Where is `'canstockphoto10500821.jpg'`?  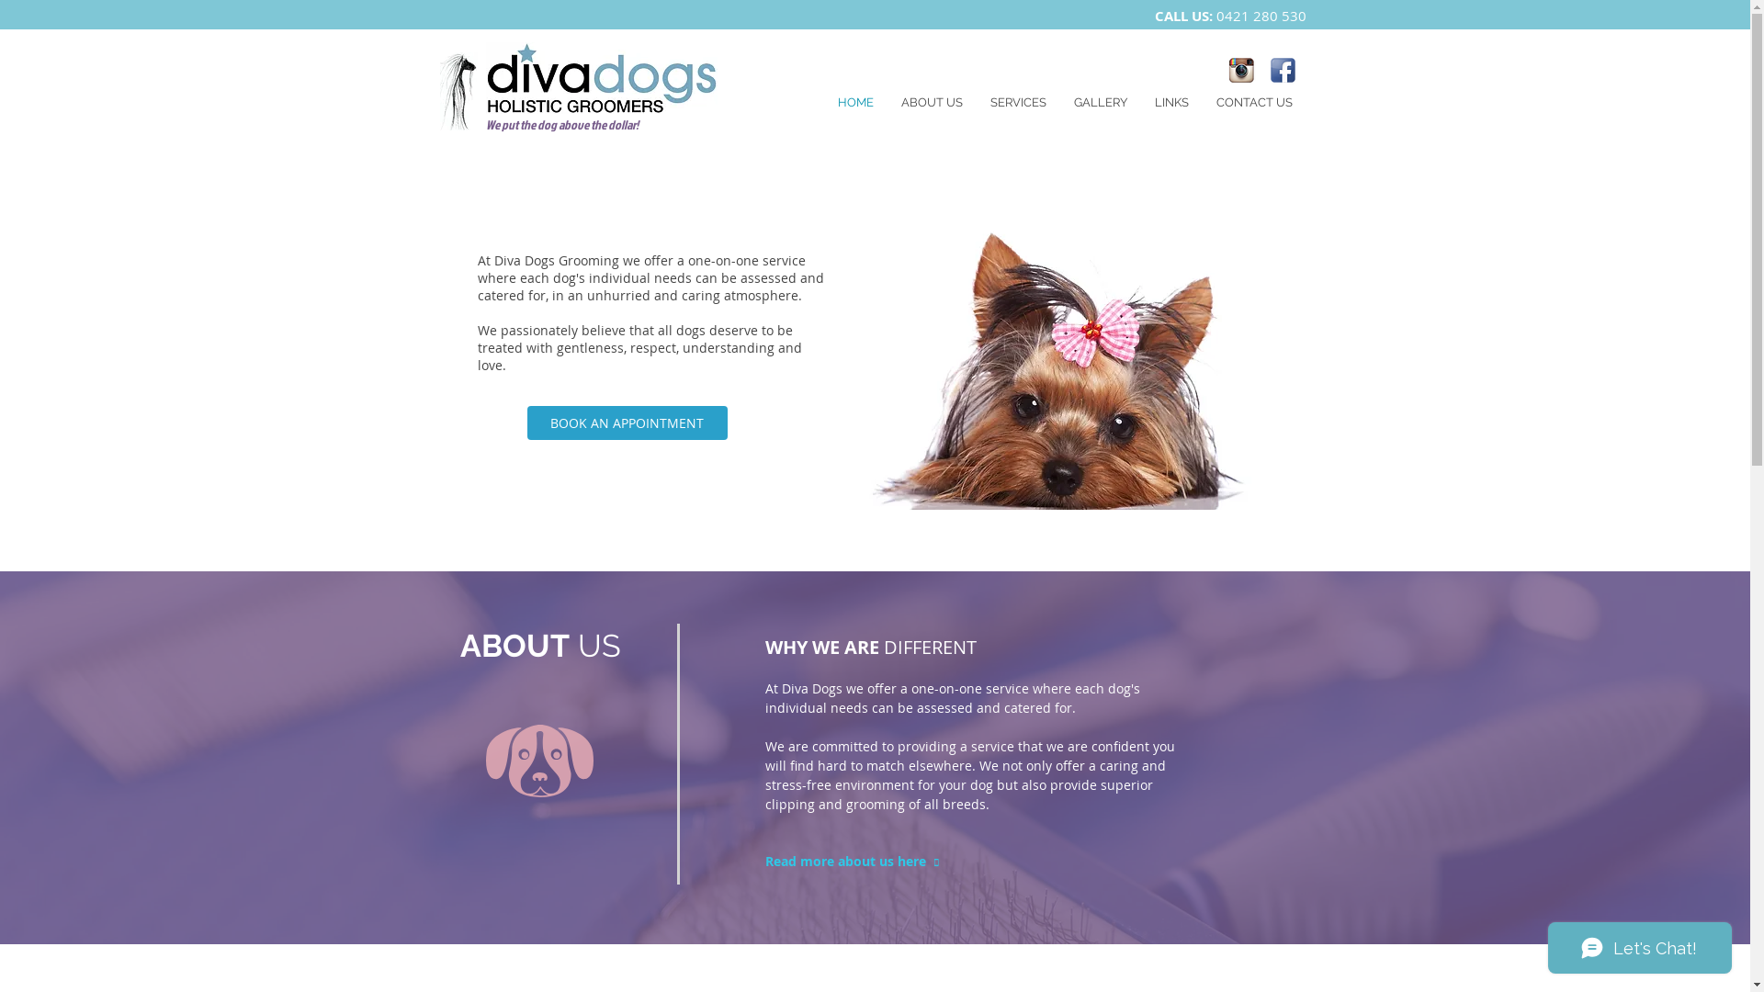
'canstockphoto10500821.jpg' is located at coordinates (1070, 368).